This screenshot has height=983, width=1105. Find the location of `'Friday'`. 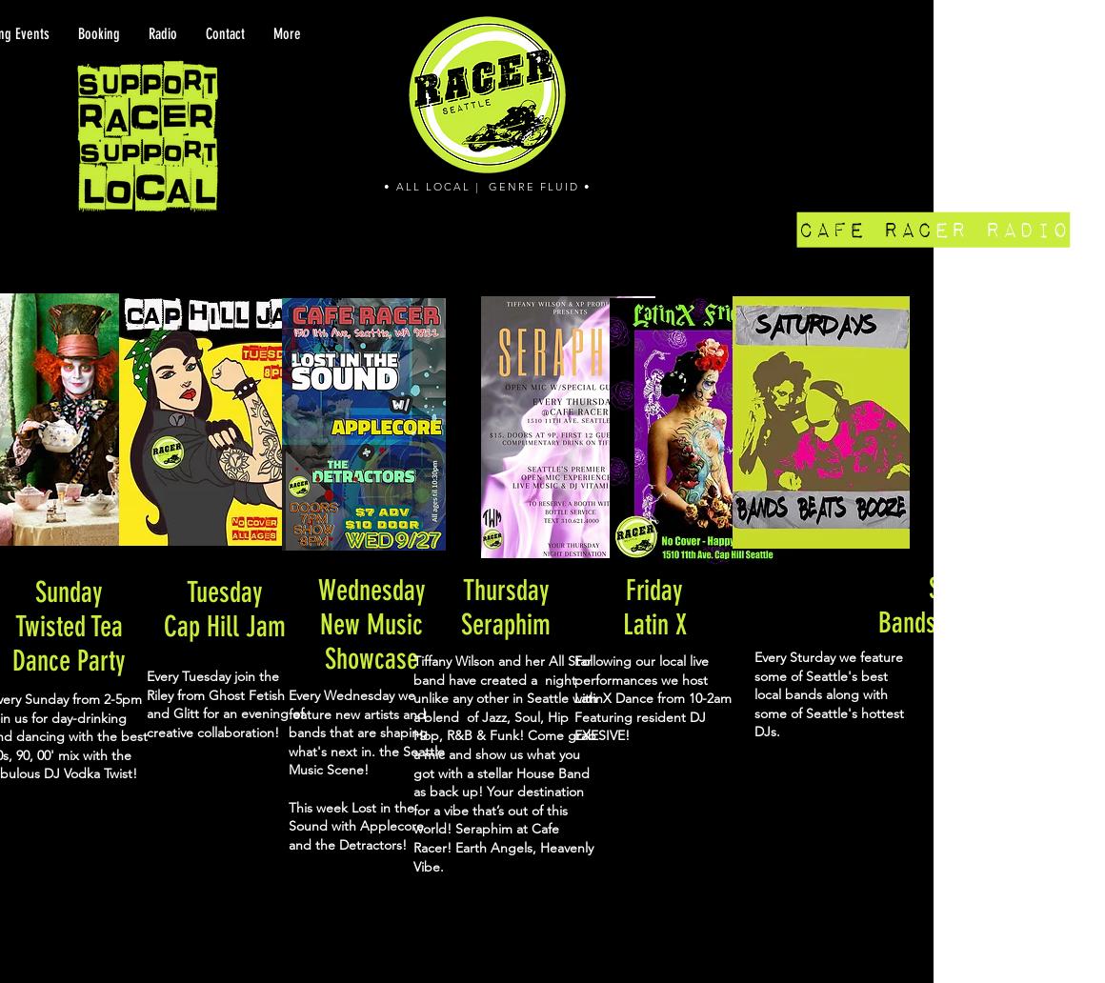

'Friday' is located at coordinates (653, 591).